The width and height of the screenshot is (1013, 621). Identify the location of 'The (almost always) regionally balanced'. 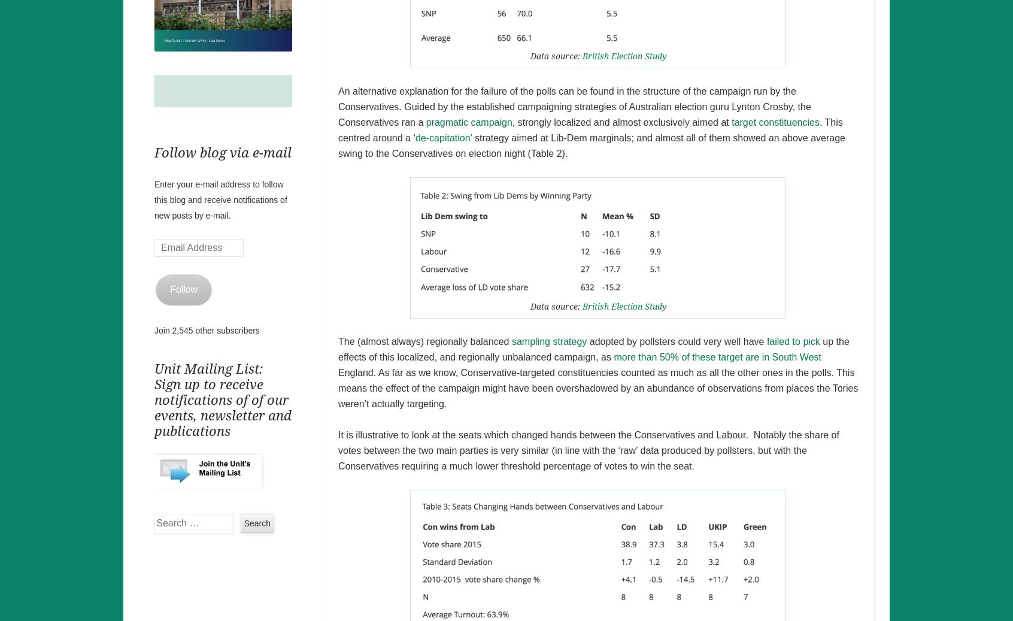
(423, 341).